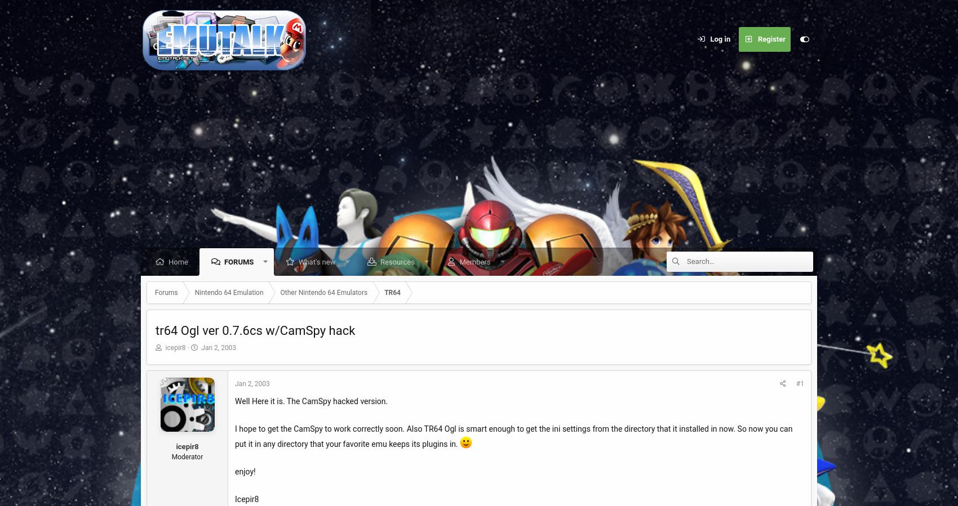  Describe the element at coordinates (771, 38) in the screenshot. I see `'Register'` at that location.